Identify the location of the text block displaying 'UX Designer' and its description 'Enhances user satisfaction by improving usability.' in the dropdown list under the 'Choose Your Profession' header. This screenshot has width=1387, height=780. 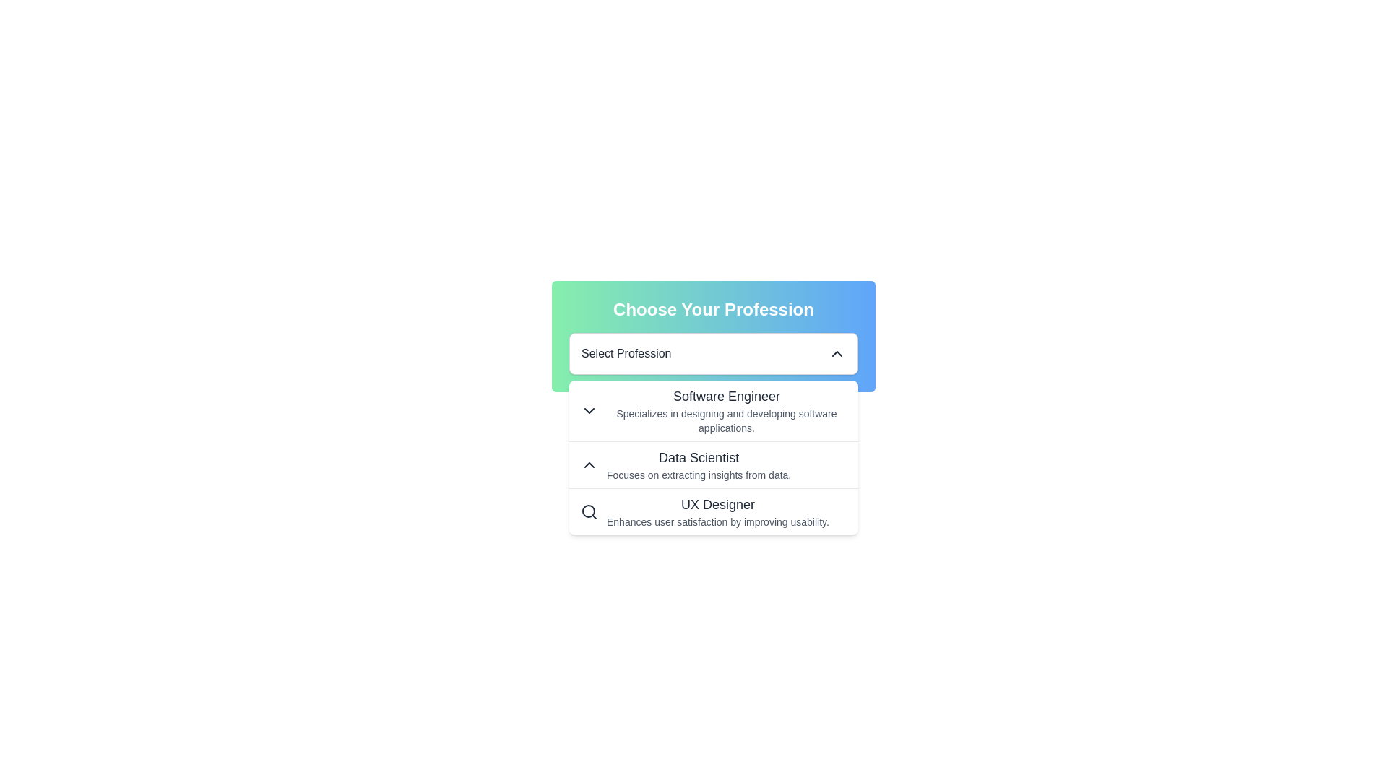
(717, 511).